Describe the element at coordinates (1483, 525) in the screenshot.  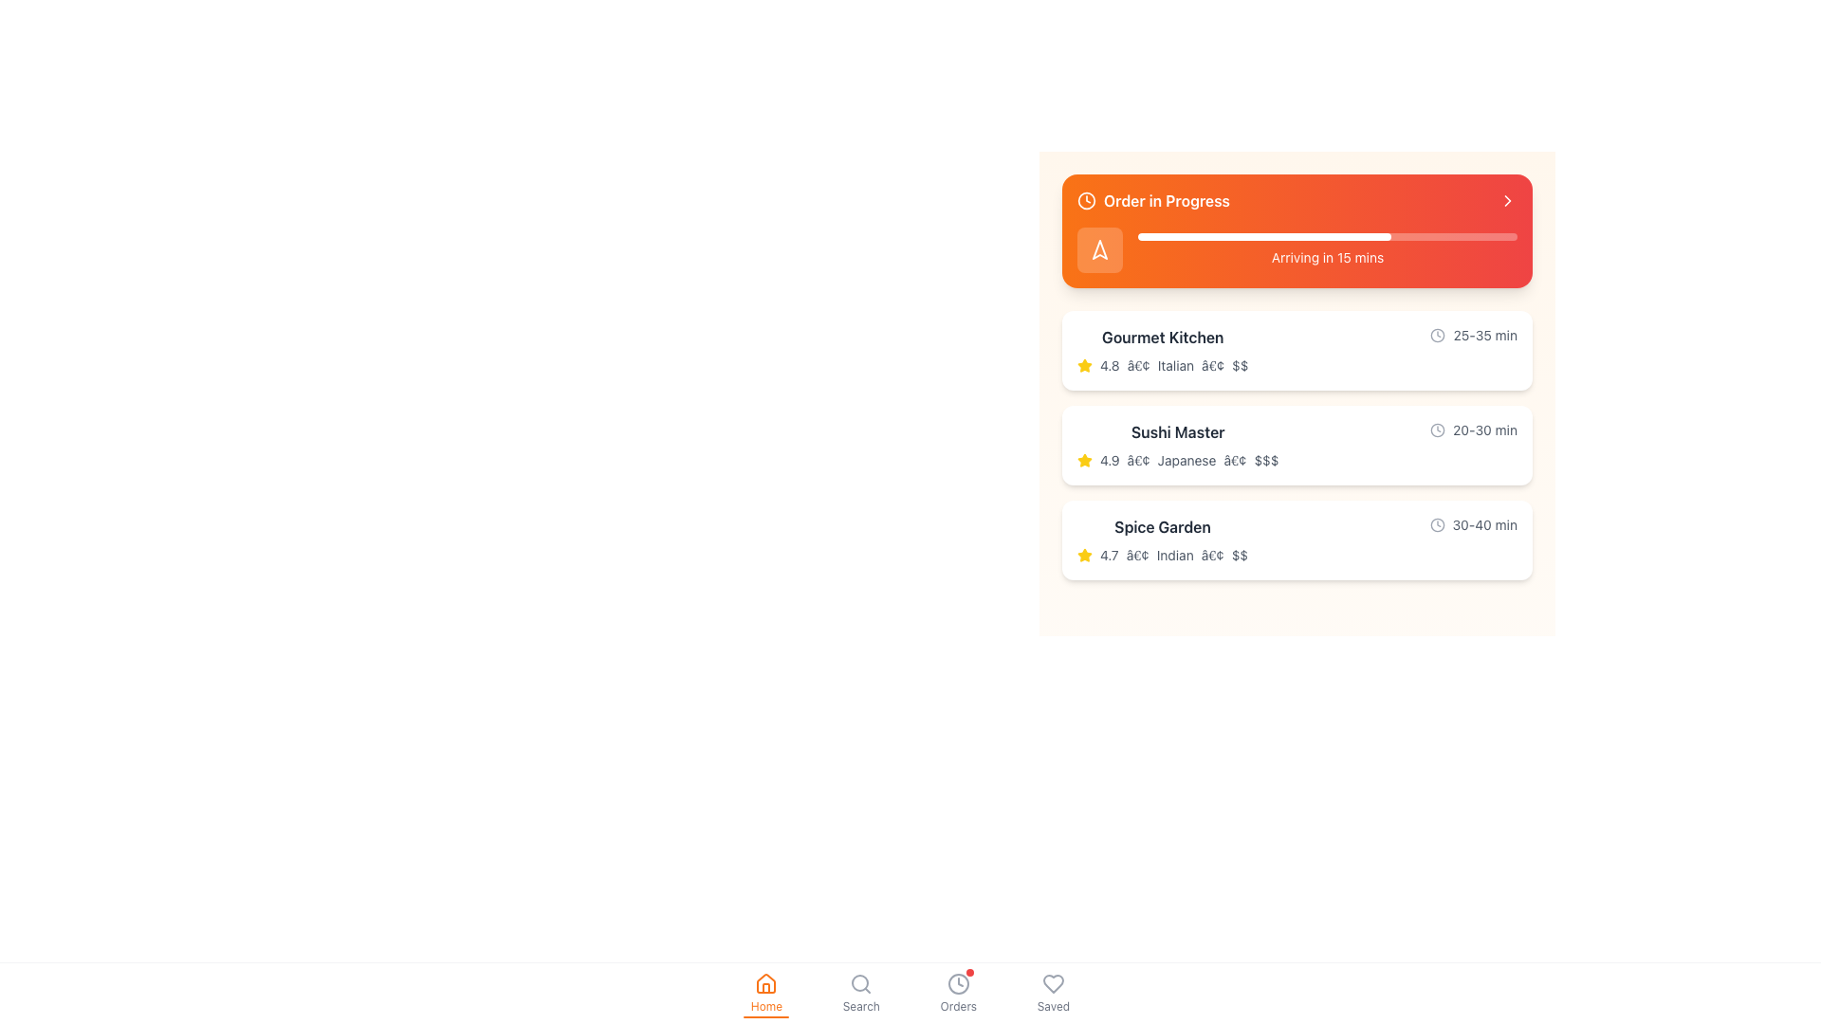
I see `the static text element that displays the estimated delivery time for 'Spice Garden', located as the rightmost element in the group with a clock icon` at that location.